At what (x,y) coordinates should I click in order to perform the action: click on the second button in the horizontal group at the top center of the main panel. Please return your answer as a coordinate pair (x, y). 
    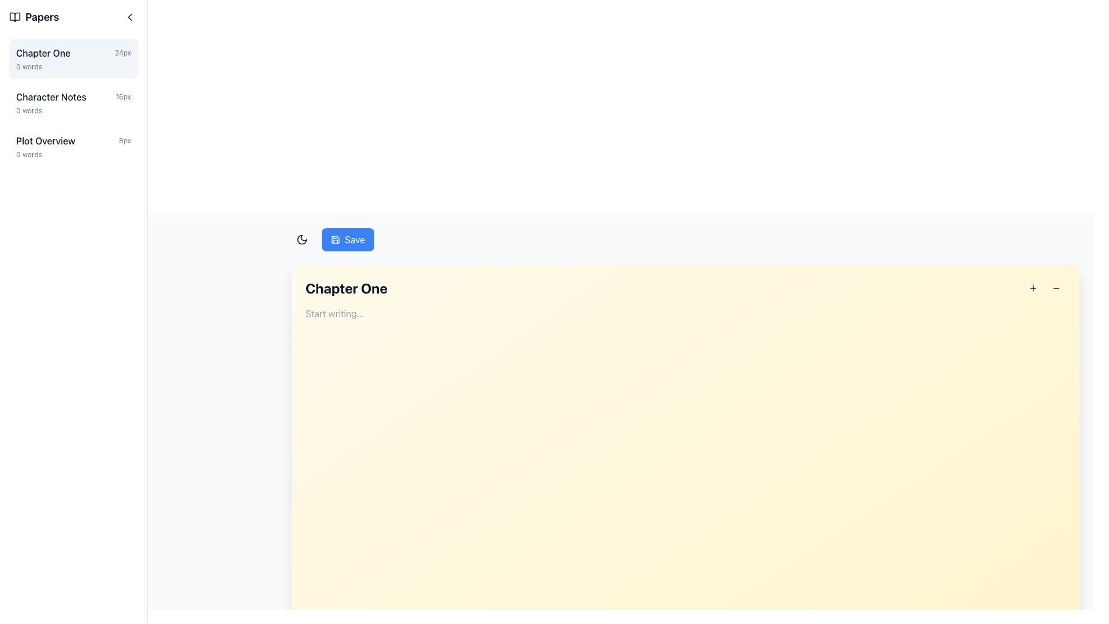
    Looking at the image, I should click on (347, 239).